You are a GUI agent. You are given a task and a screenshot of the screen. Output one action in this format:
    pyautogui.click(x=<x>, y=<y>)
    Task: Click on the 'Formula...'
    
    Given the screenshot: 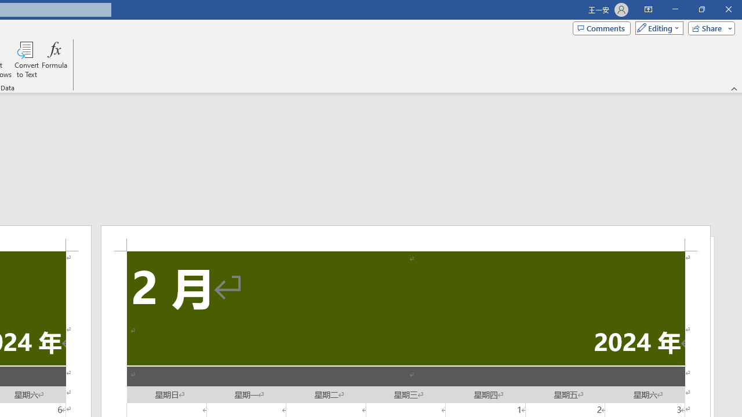 What is the action you would take?
    pyautogui.click(x=54, y=60)
    